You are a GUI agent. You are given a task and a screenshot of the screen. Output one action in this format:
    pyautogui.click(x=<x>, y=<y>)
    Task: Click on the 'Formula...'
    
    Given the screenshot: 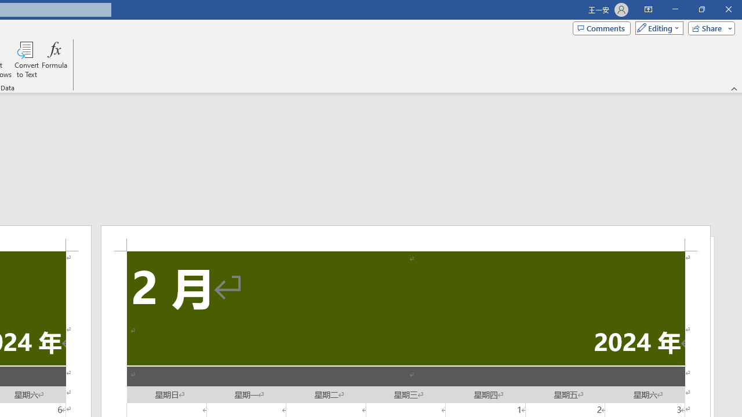 What is the action you would take?
    pyautogui.click(x=54, y=60)
    